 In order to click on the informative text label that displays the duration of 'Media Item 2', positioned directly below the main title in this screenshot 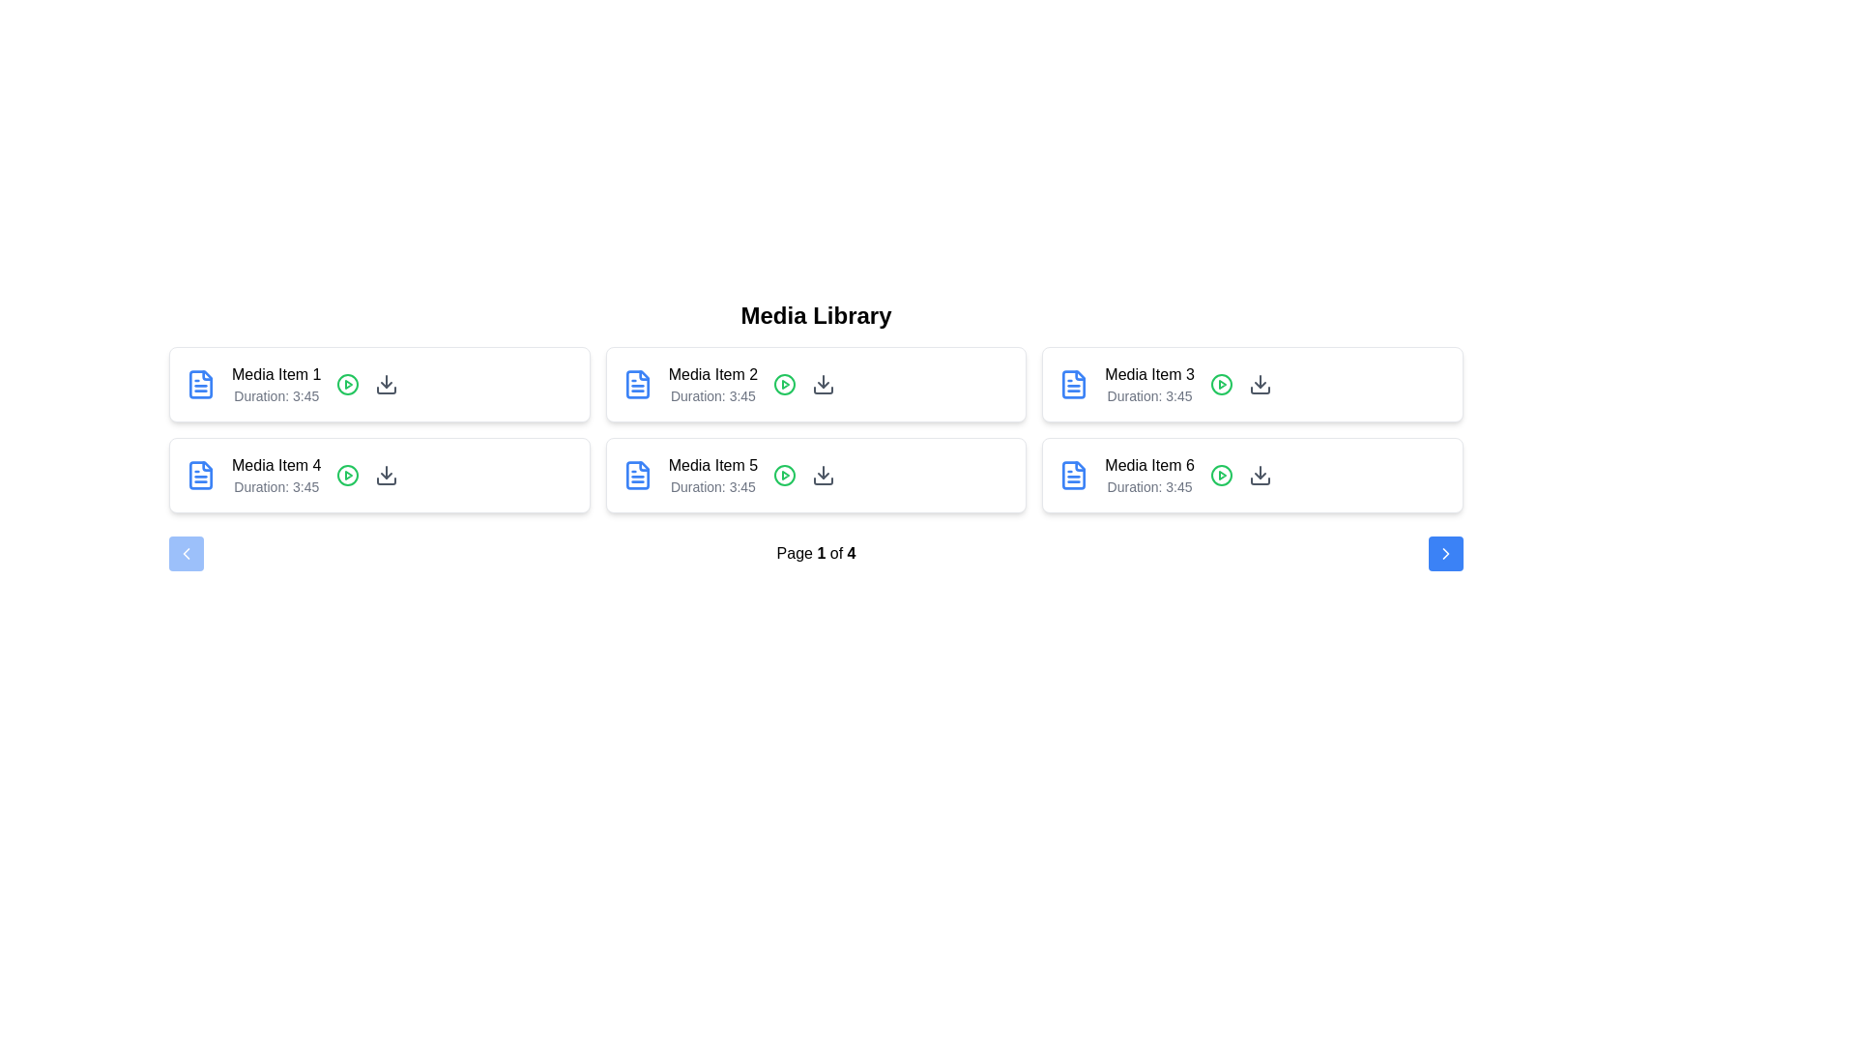, I will do `click(711, 394)`.